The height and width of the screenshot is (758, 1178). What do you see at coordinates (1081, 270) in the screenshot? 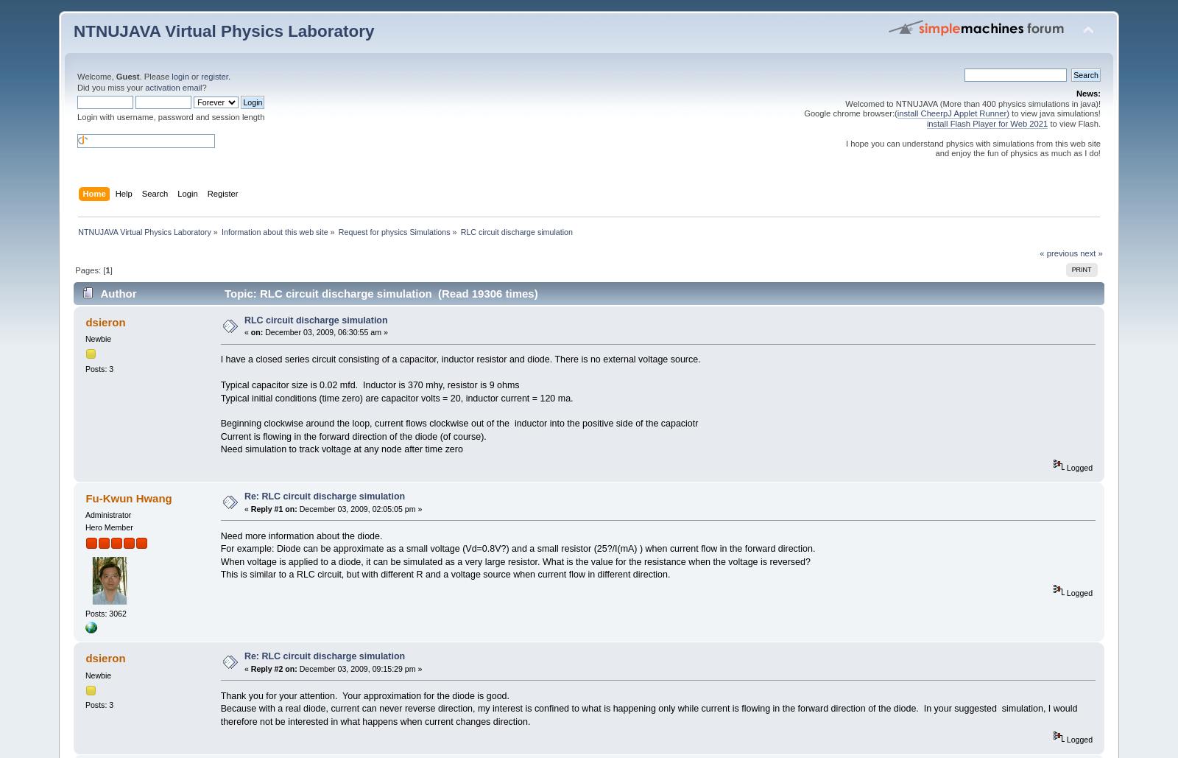
I see `'Print'` at bounding box center [1081, 270].